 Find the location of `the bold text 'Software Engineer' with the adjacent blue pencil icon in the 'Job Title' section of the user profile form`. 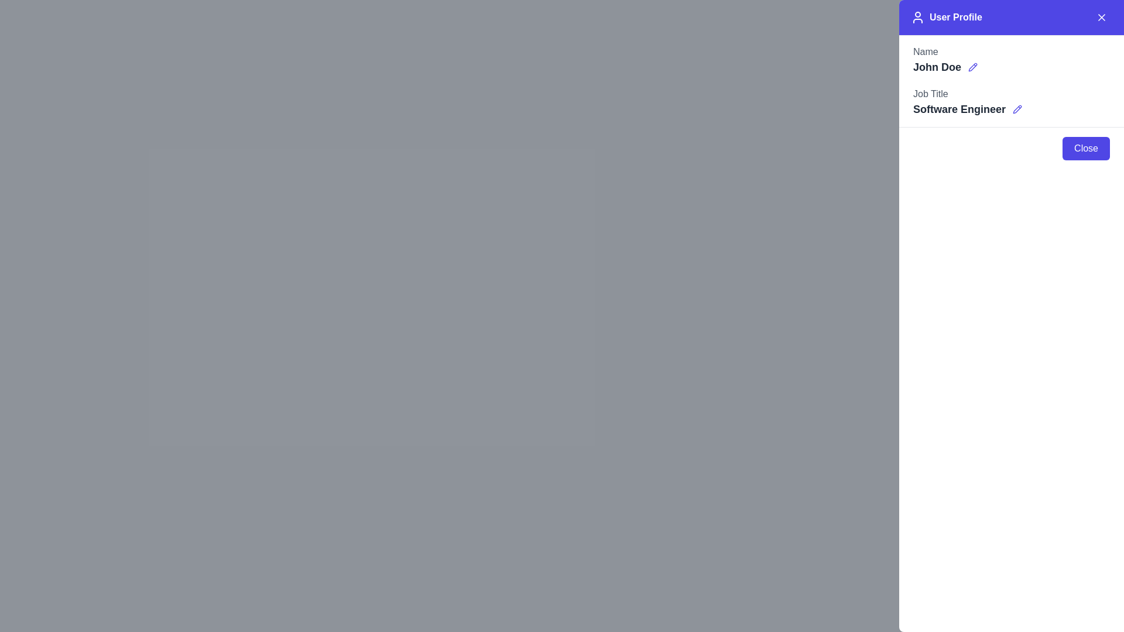

the bold text 'Software Engineer' with the adjacent blue pencil icon in the 'Job Title' section of the user profile form is located at coordinates (969, 109).